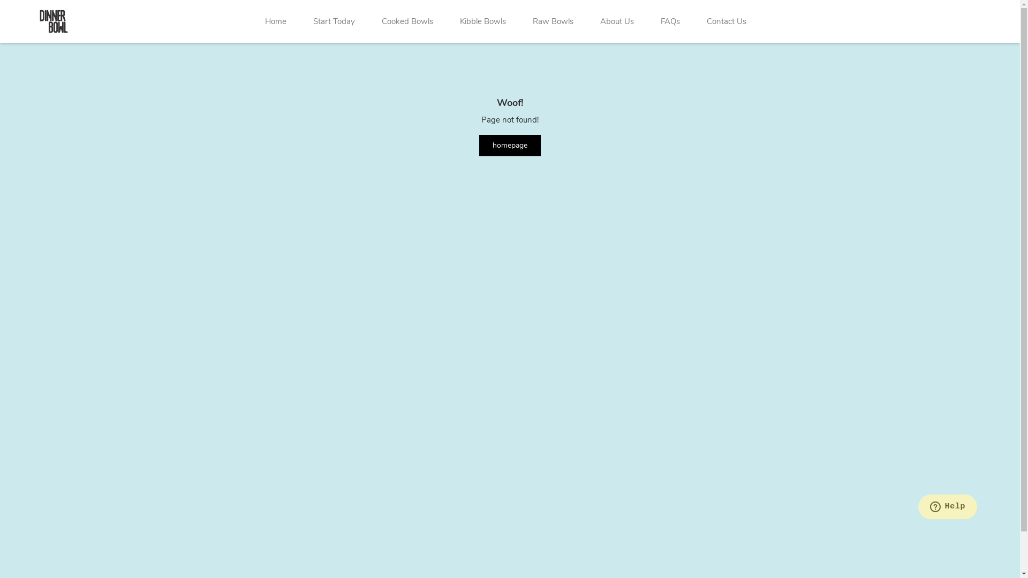  Describe the element at coordinates (334, 21) in the screenshot. I see `'Start Today'` at that location.